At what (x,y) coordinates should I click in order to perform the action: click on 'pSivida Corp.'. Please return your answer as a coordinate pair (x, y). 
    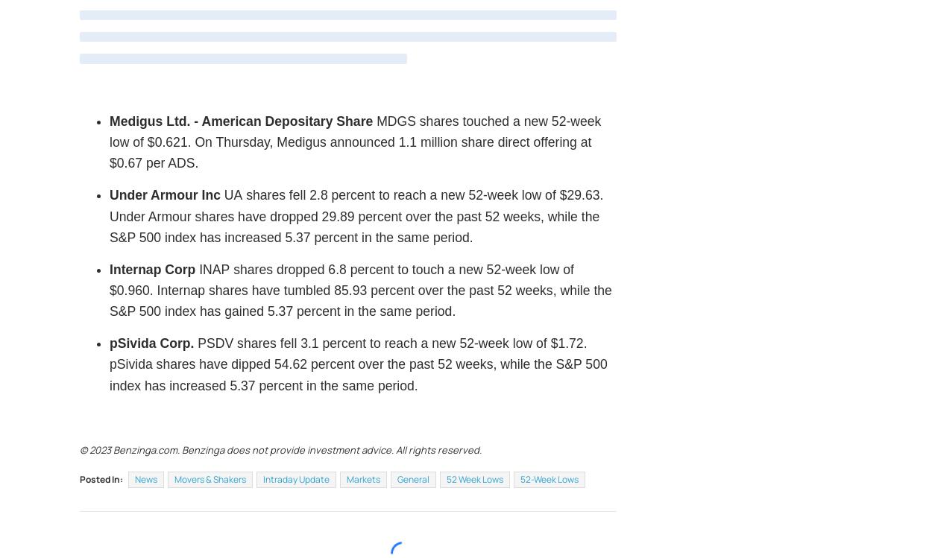
    Looking at the image, I should click on (153, 343).